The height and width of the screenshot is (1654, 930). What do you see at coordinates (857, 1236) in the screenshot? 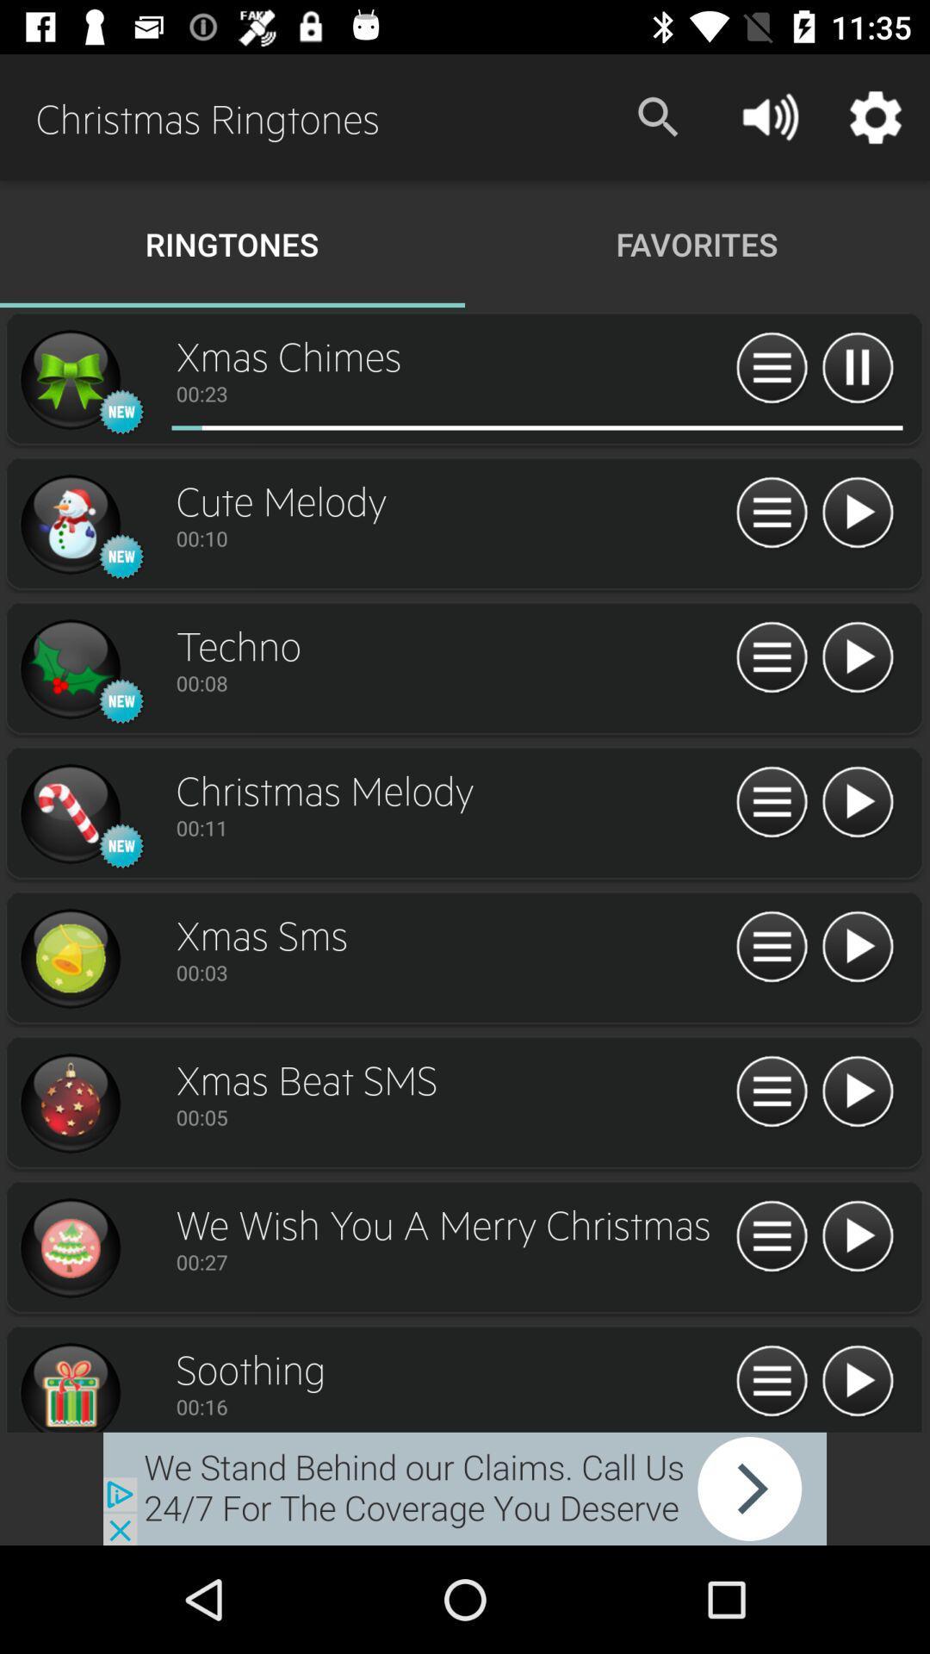
I see `next` at bounding box center [857, 1236].